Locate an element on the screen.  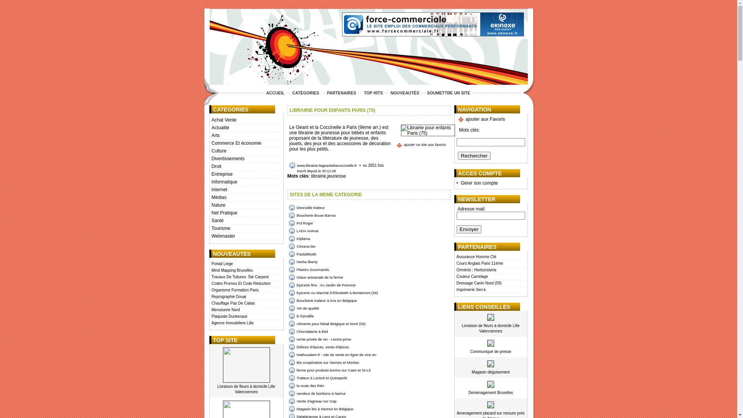
'Travaux De Toitures: Ste Carpent' is located at coordinates (245, 277).